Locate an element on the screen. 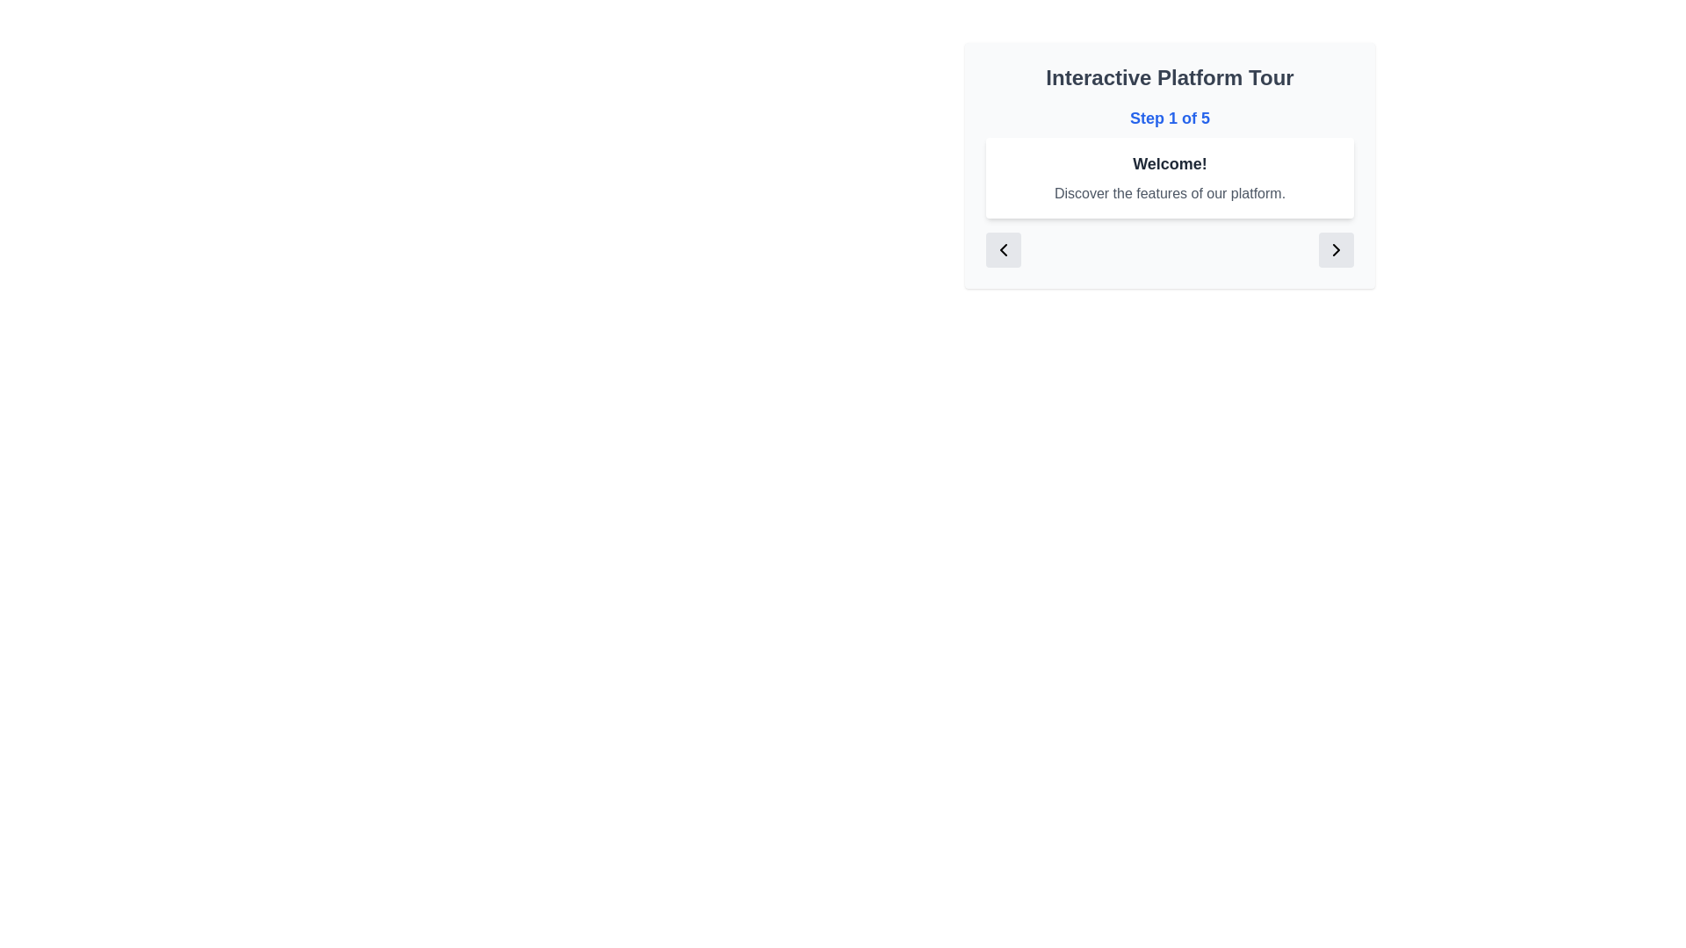 Image resolution: width=1686 pixels, height=948 pixels. the left chevron navigation icon located in the footer section of the 'Interactive Platform Tour' dialog box is located at coordinates (1003, 250).